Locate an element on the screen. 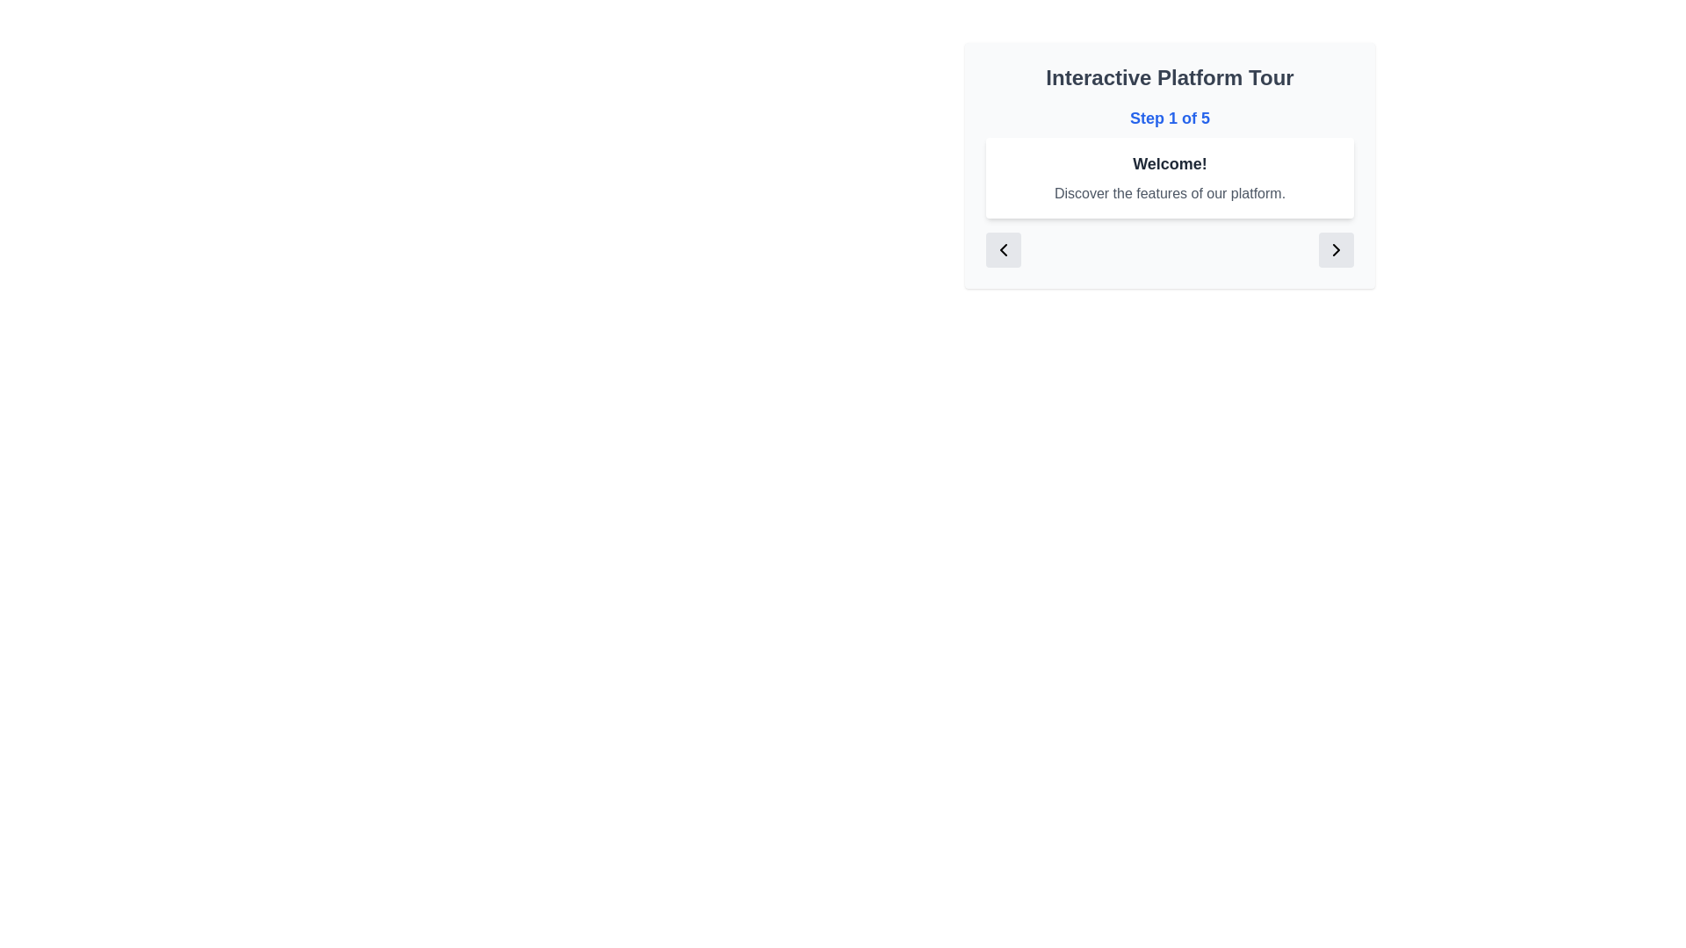 Image resolution: width=1686 pixels, height=948 pixels. the left chevron navigation icon located in the footer section of the 'Interactive Platform Tour' dialog box is located at coordinates (1003, 250).